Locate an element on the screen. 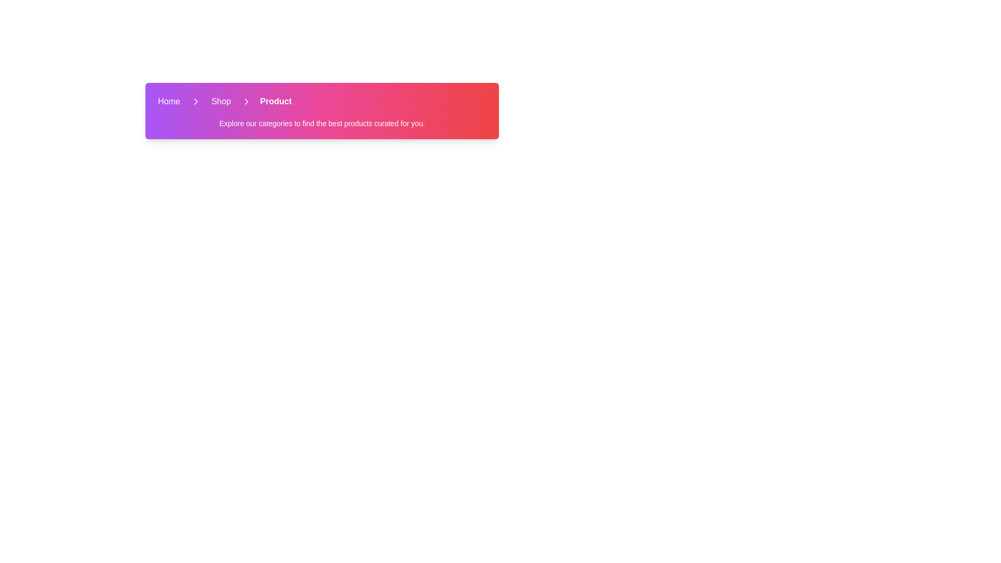 Image resolution: width=1001 pixels, height=563 pixels. the breadcrumb separator icon located between the 'Home' link and the 'Shop' link is located at coordinates (196, 102).